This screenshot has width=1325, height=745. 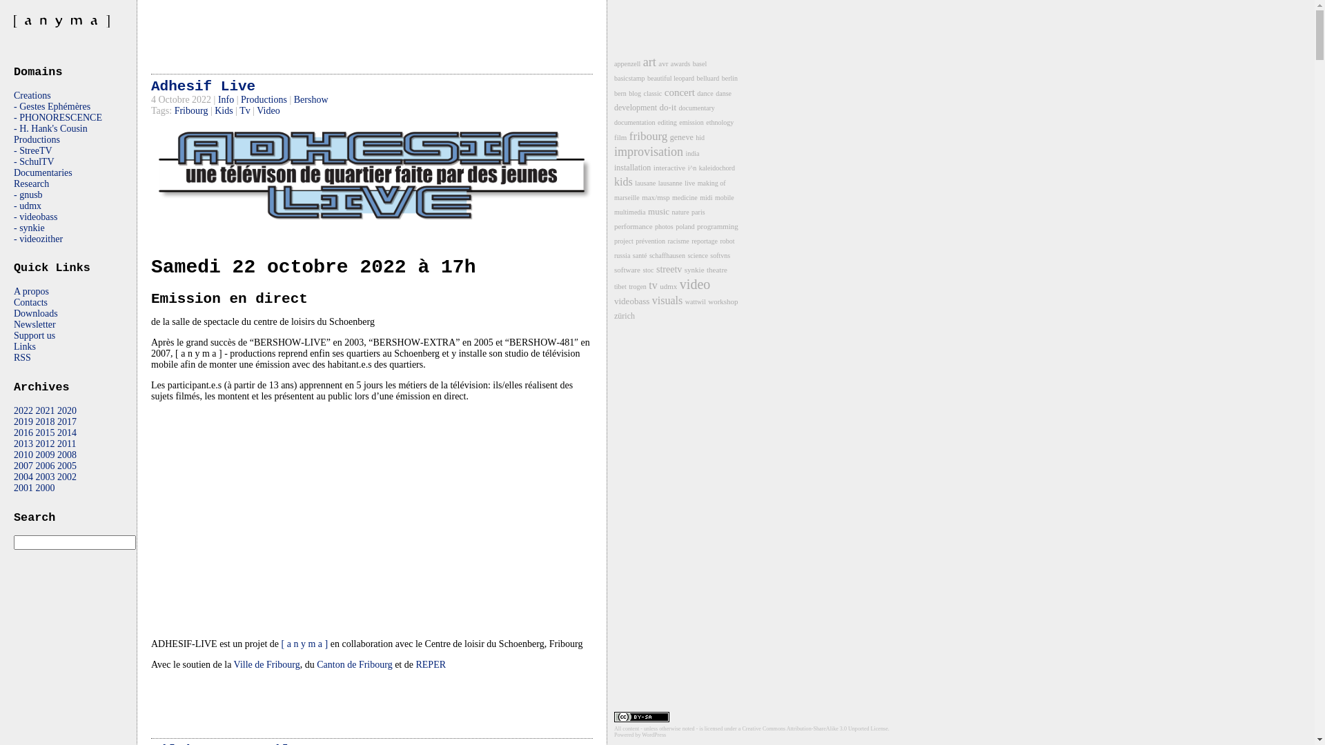 What do you see at coordinates (226, 99) in the screenshot?
I see `'Info'` at bounding box center [226, 99].